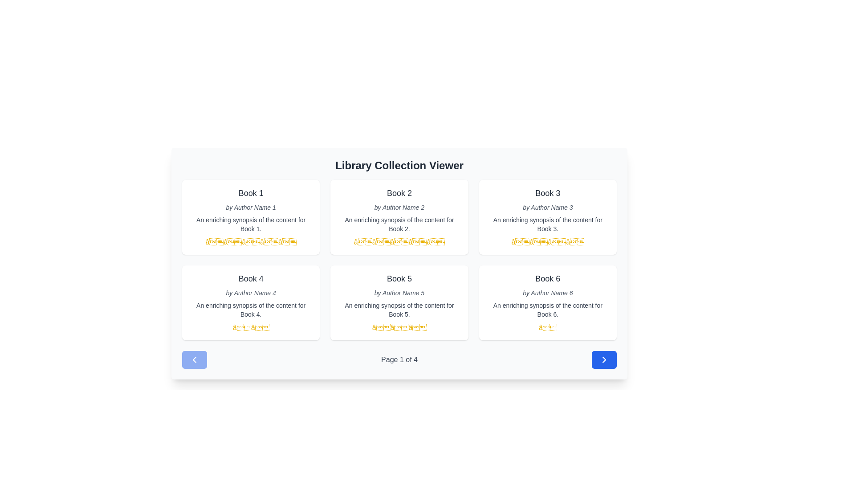  I want to click on the book, so click(547, 193).